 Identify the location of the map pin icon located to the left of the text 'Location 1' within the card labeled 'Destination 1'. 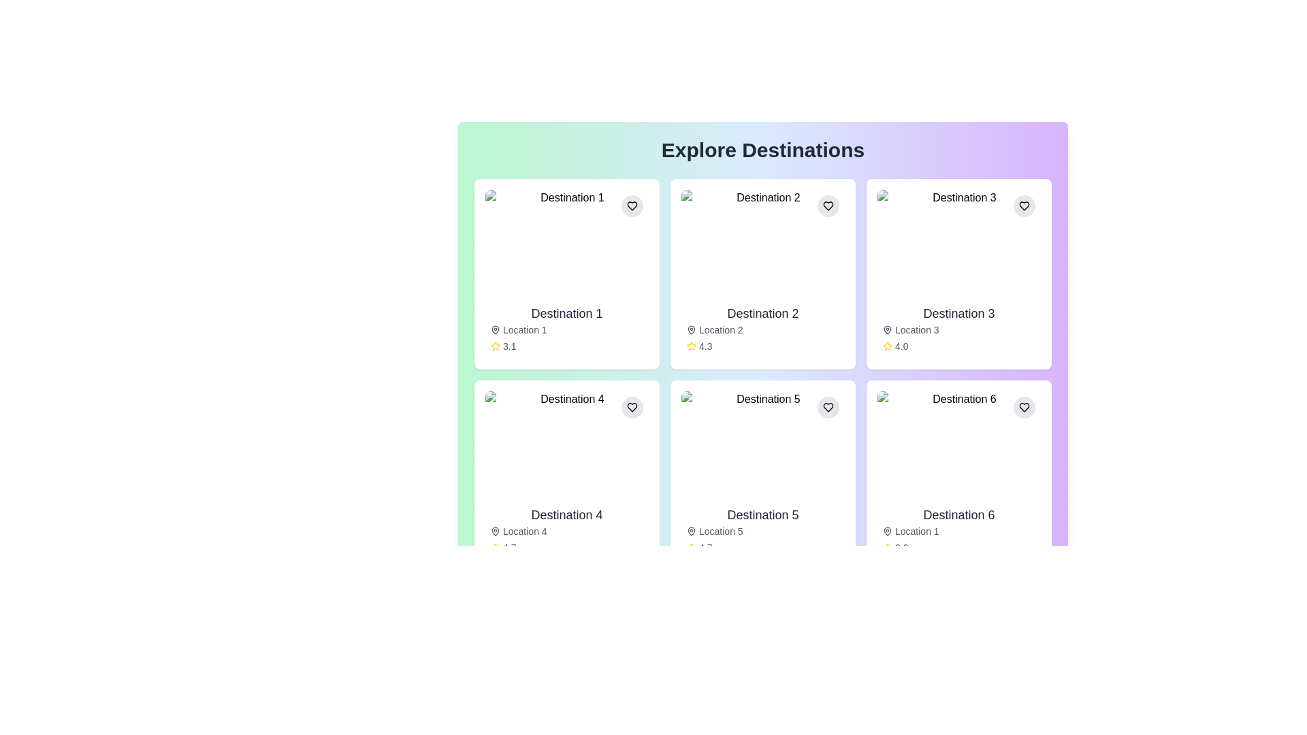
(495, 330).